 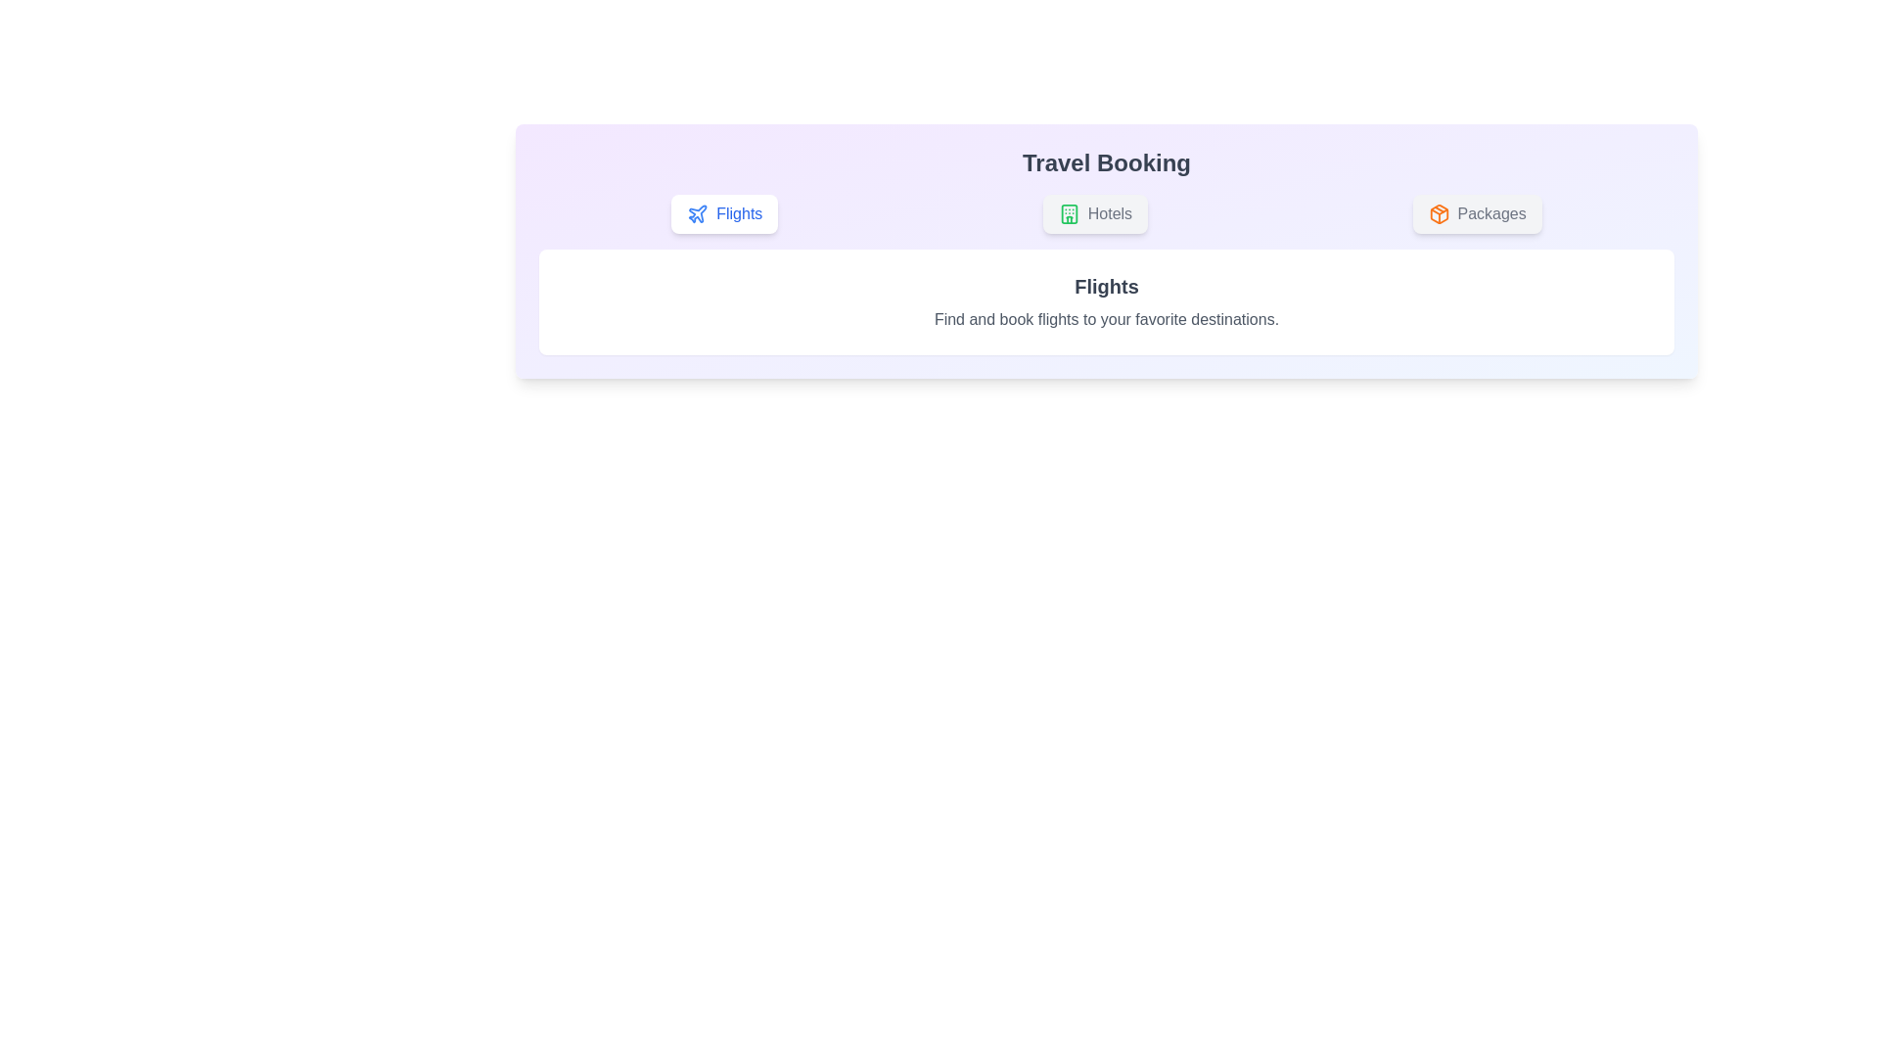 What do you see at coordinates (1476, 214) in the screenshot?
I see `the Packages tab by clicking on its button` at bounding box center [1476, 214].